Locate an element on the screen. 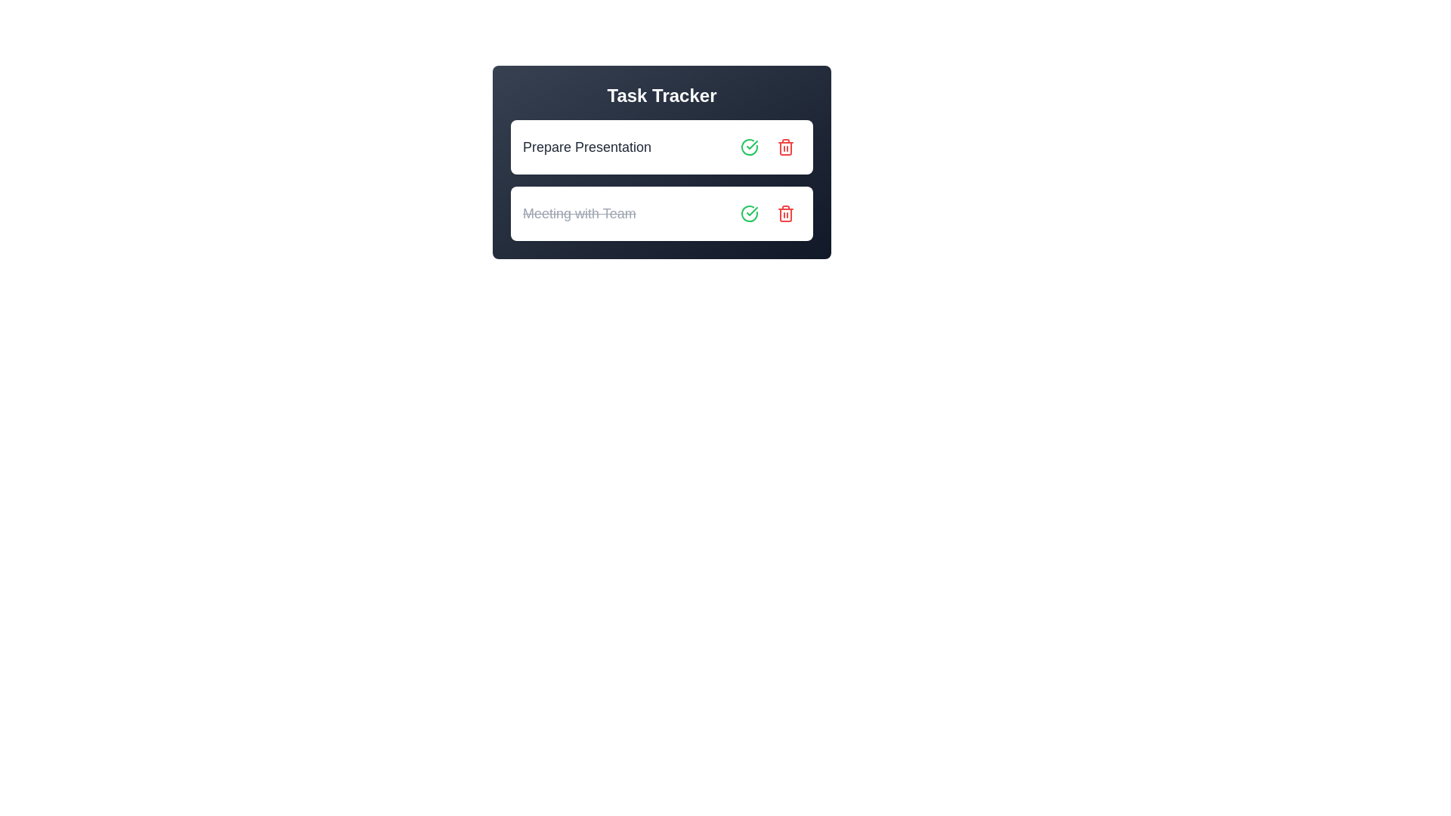 This screenshot has width=1451, height=816. the trash bin button, which is a red-colored icon indicating delete action is located at coordinates (786, 213).